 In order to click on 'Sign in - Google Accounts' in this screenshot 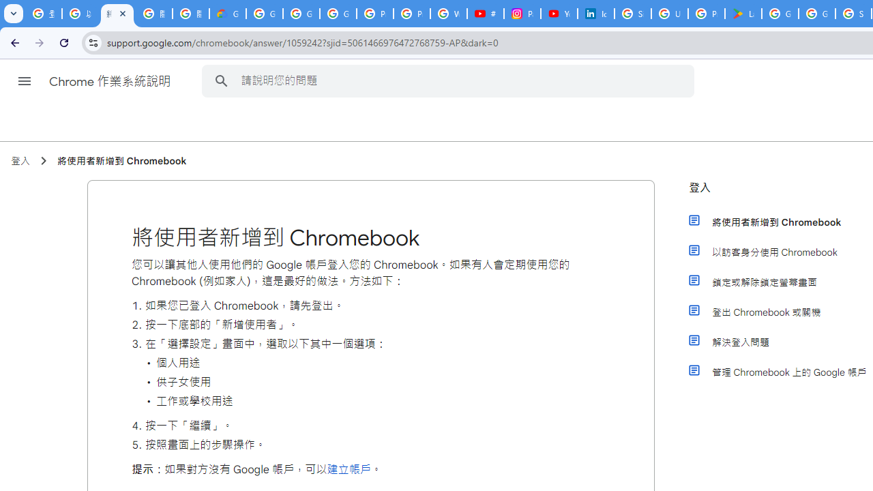, I will do `click(632, 14)`.